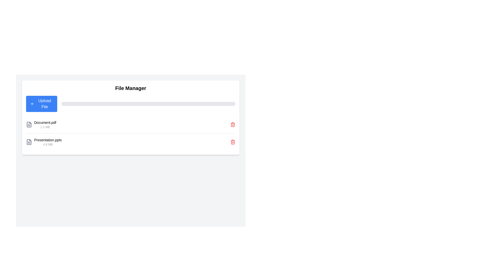 The height and width of the screenshot is (273, 486). What do you see at coordinates (131, 125) in the screenshot?
I see `the first file entry in the file manager list` at bounding box center [131, 125].